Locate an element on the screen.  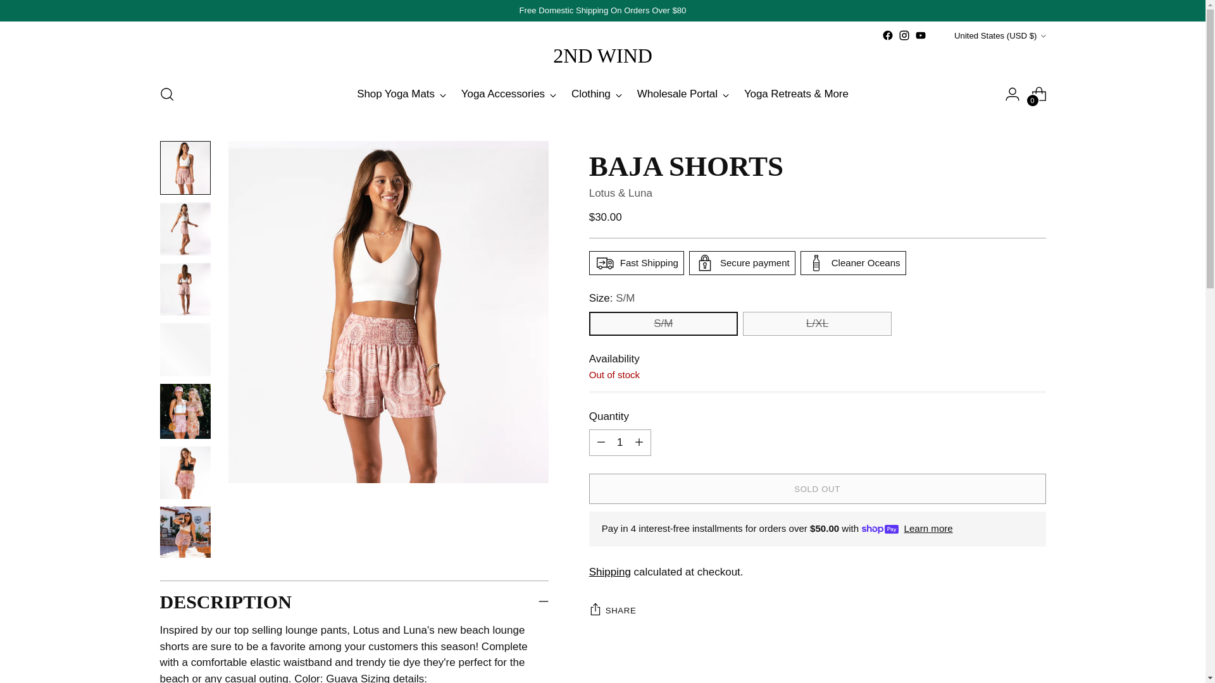
'2nd Wind on Facebook' is located at coordinates (887, 35).